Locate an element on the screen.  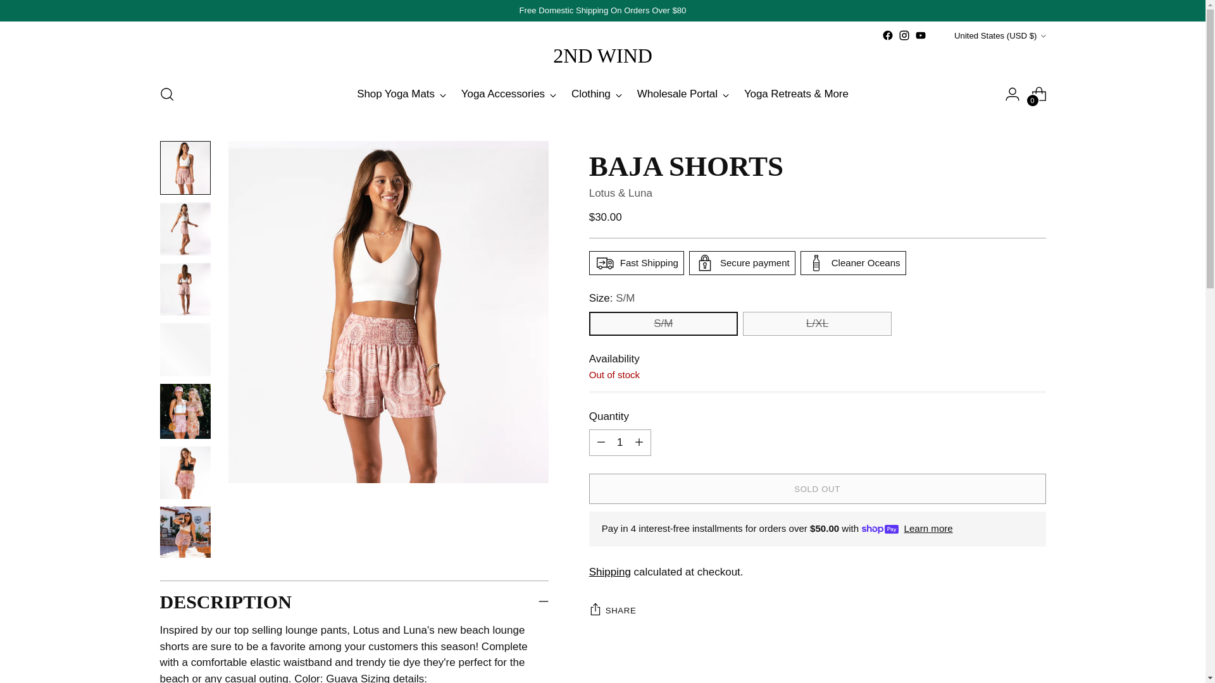
'2nd Wind on Facebook' is located at coordinates (887, 35).